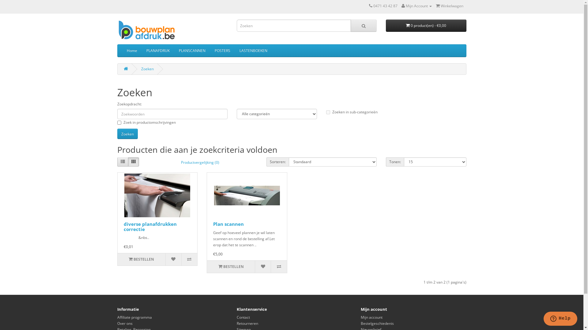 This screenshot has width=588, height=330. I want to click on 'Winkelwagen', so click(449, 6).